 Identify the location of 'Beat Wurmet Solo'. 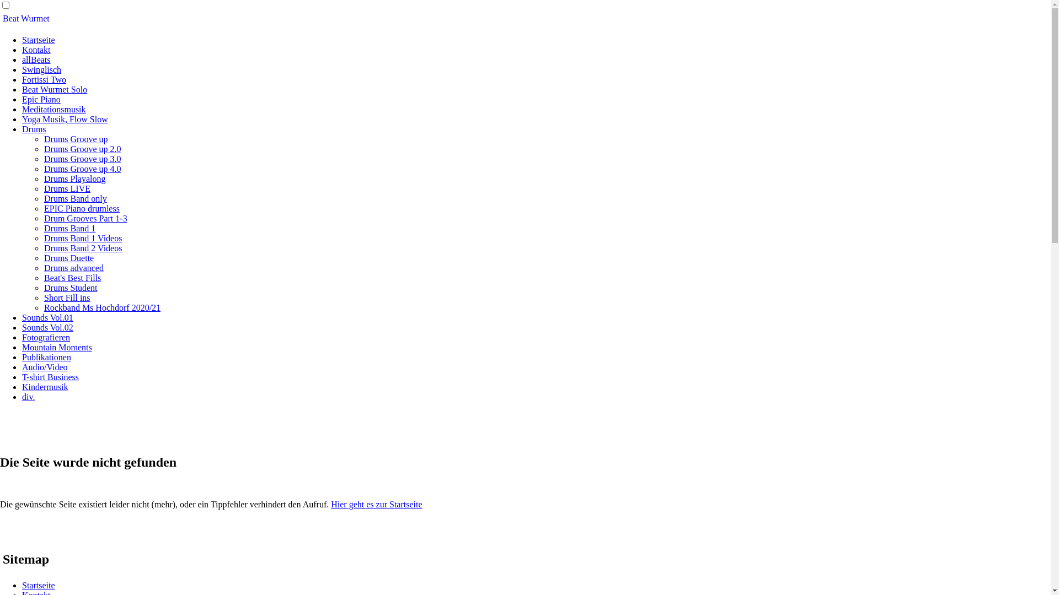
(54, 89).